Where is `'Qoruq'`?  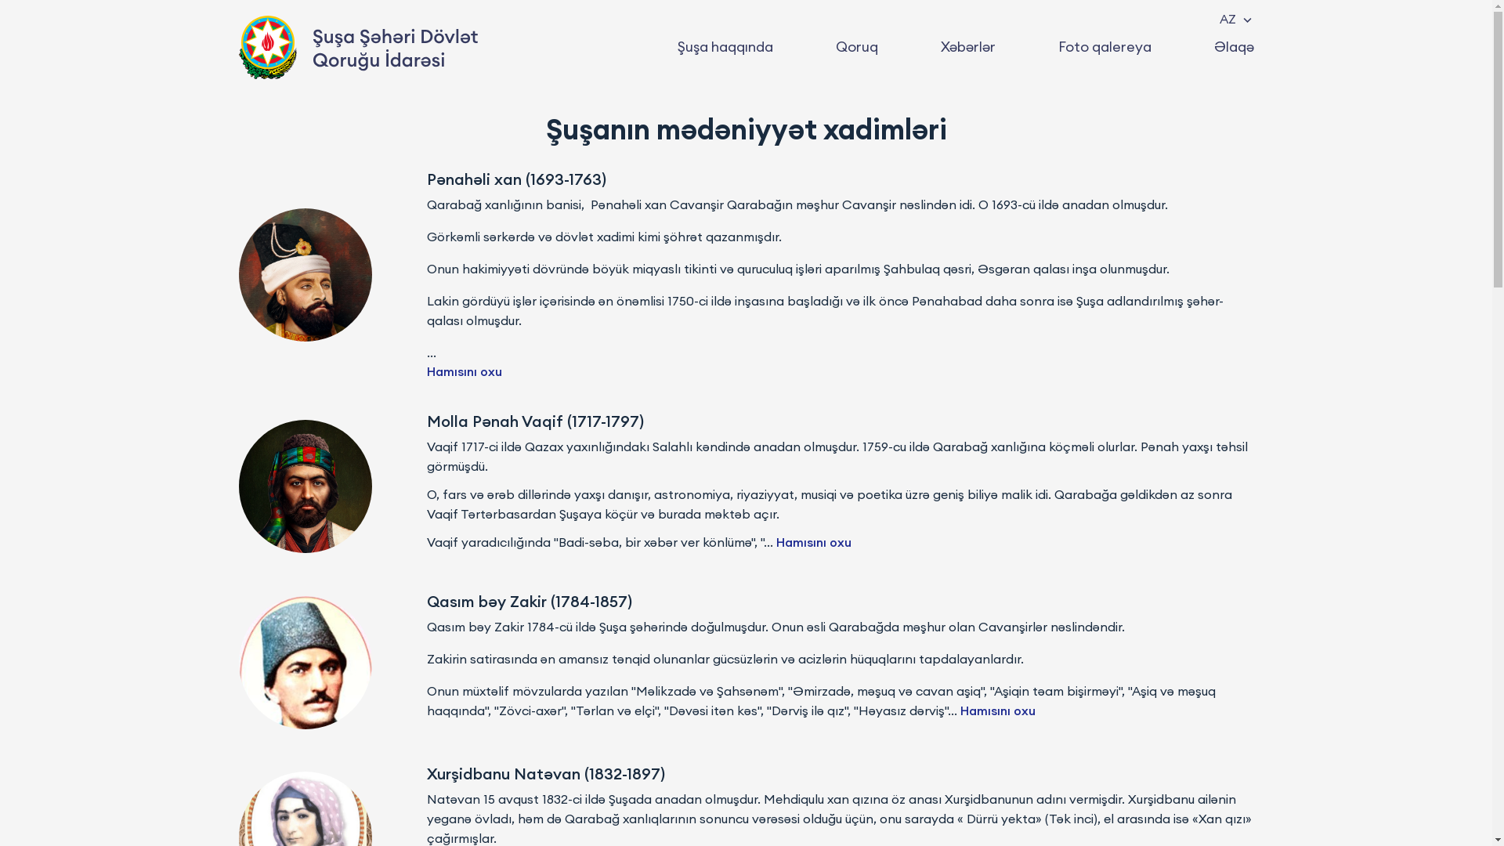 'Qoruq' is located at coordinates (855, 46).